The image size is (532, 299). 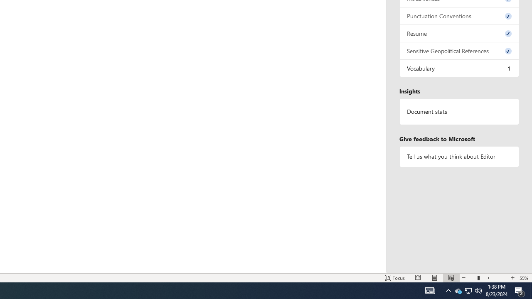 What do you see at coordinates (459, 68) in the screenshot?
I see `'Vocabulary, 1 issue. Press space or enter to review items.'` at bounding box center [459, 68].